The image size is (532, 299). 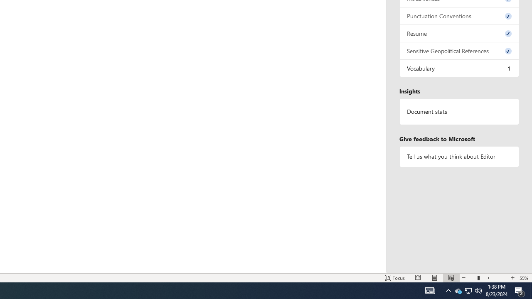 What do you see at coordinates (459, 68) in the screenshot?
I see `'Vocabulary, 1 issue. Press space or enter to review items.'` at bounding box center [459, 68].